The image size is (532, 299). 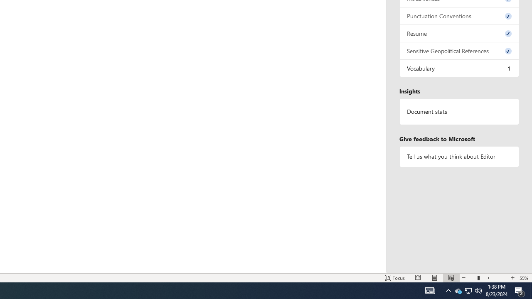 What do you see at coordinates (459, 68) in the screenshot?
I see `'Vocabulary, 1 issue. Press space or enter to review items.'` at bounding box center [459, 68].